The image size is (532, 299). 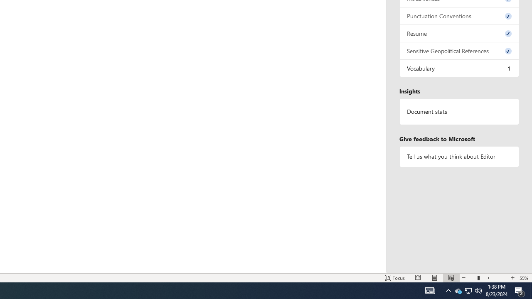 What do you see at coordinates (459, 68) in the screenshot?
I see `'Vocabulary, 1 issue. Press space or enter to review items.'` at bounding box center [459, 68].